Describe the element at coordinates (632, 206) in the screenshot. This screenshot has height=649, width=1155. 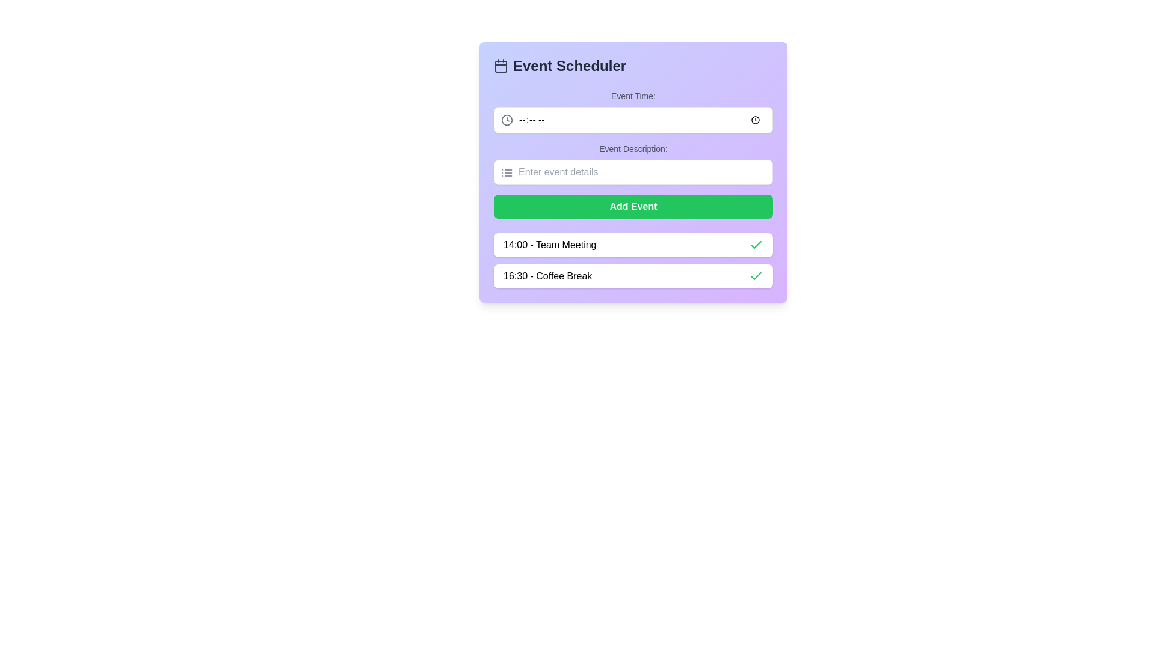
I see `the 'Add Event' button located near the center lower part of the Event Scheduler box` at that location.